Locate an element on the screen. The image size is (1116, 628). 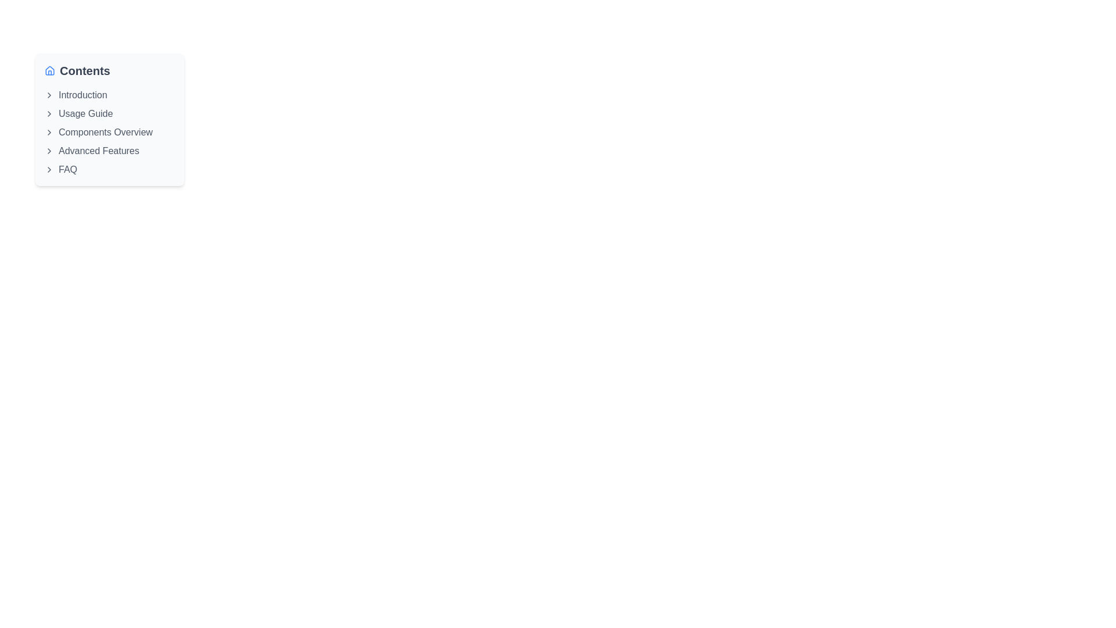
the Navigation Link or Section Header located in the 'Contents' sidebar to change its text color is located at coordinates (109, 150).